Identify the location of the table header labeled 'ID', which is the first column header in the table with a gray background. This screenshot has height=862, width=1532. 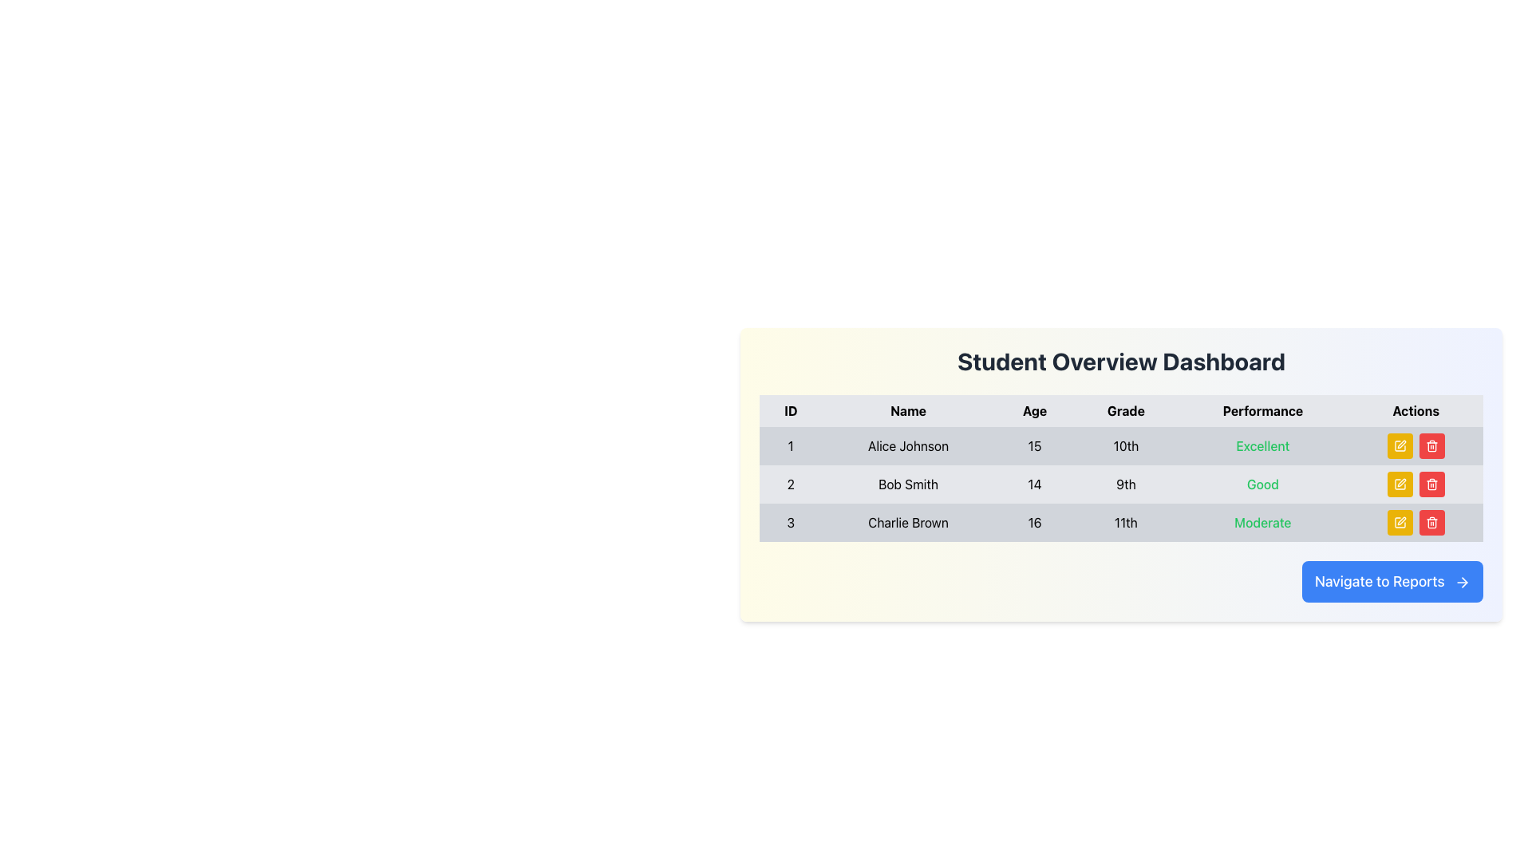
(791, 410).